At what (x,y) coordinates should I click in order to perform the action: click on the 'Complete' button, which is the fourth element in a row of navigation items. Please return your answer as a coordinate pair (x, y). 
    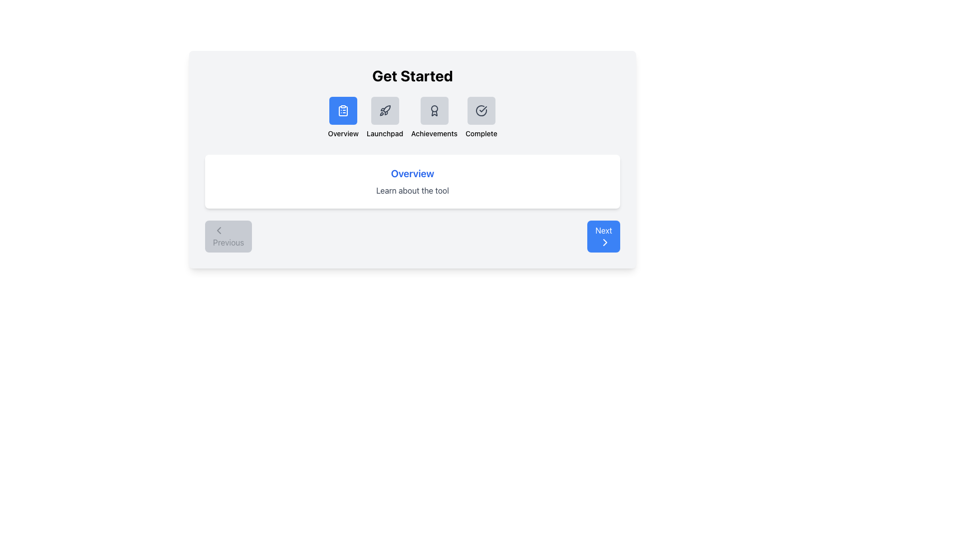
    Looking at the image, I should click on (481, 117).